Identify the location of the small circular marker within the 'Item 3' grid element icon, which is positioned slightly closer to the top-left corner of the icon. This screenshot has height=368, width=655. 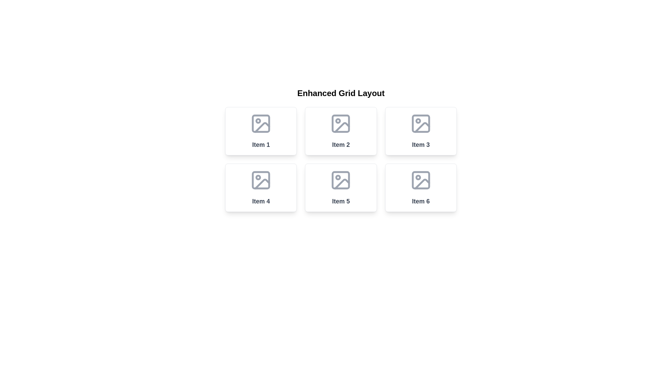
(418, 120).